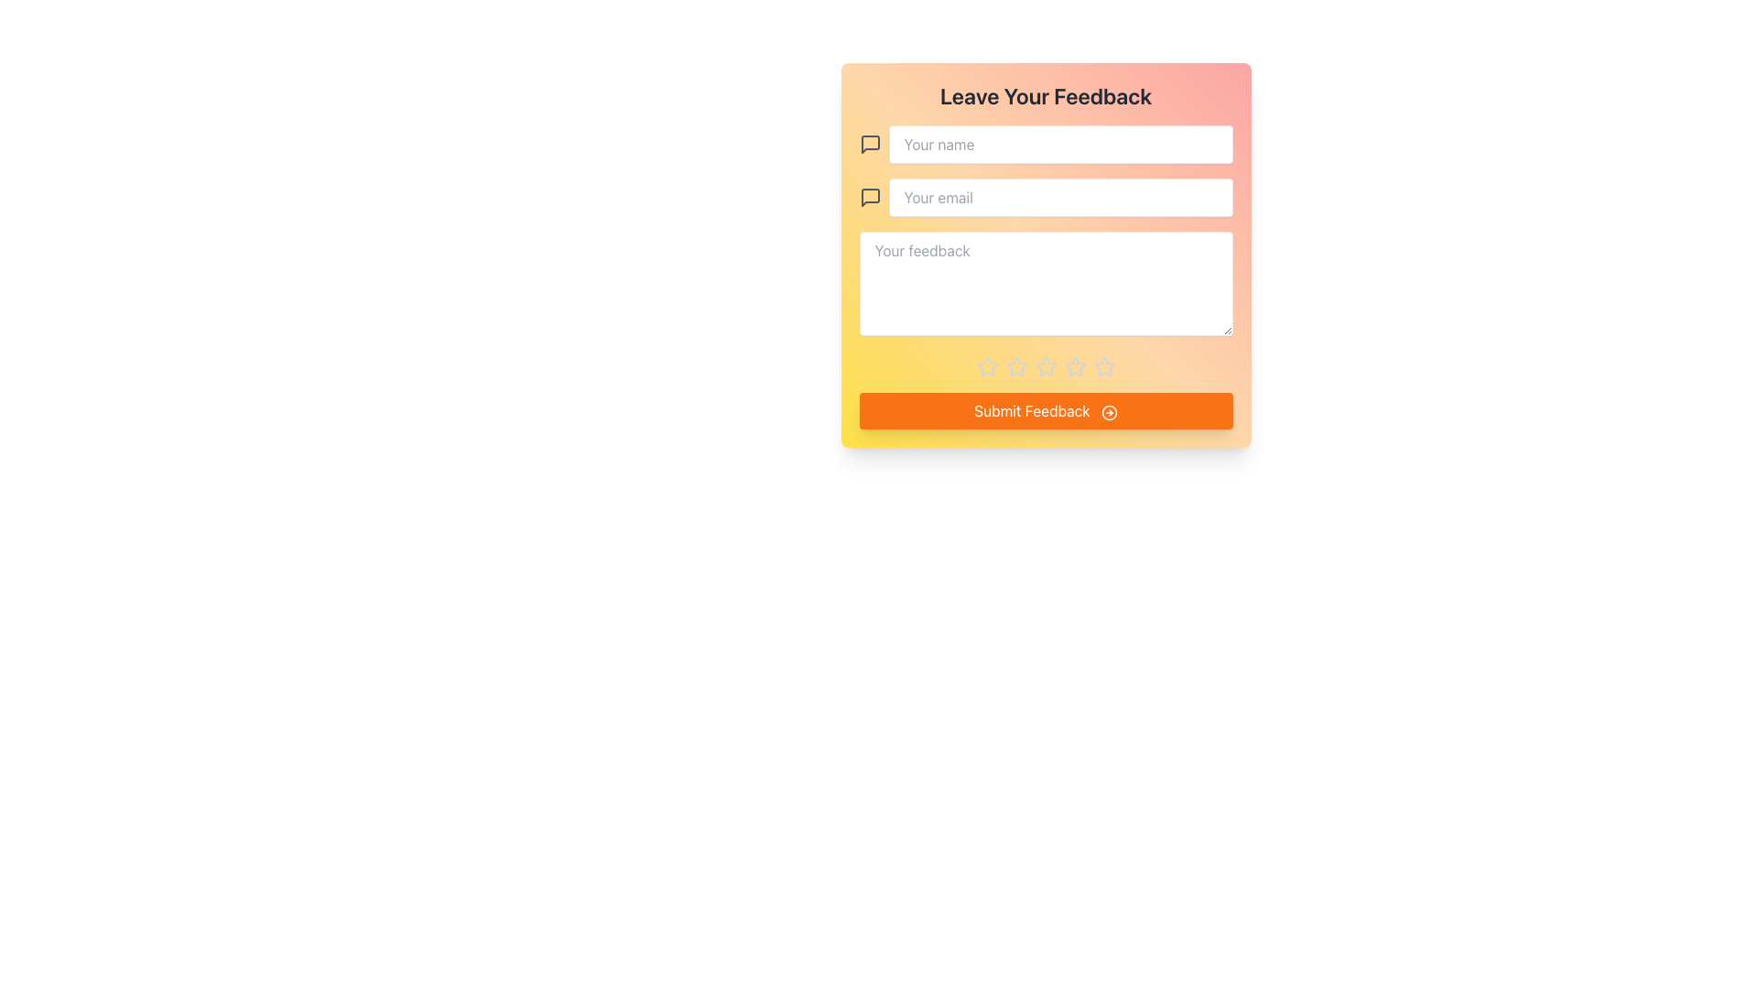 This screenshot has width=1758, height=989. Describe the element at coordinates (1046, 367) in the screenshot. I see `the third star icon in the five-star rating system` at that location.